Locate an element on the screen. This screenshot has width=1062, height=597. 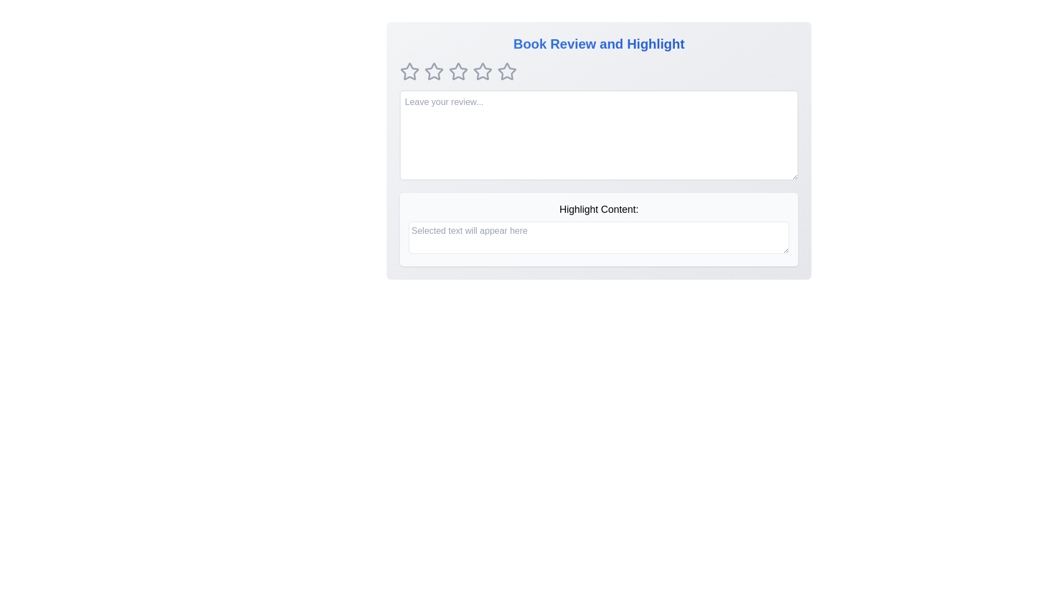
the rating to 3 stars by clicking on the corresponding star icon is located at coordinates (459, 72).